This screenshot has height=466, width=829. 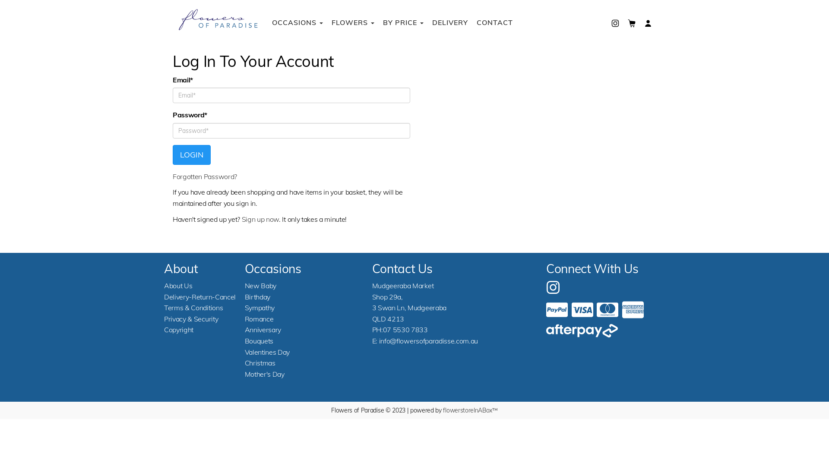 What do you see at coordinates (199, 296) in the screenshot?
I see `'Delivery-Return-Cancel'` at bounding box center [199, 296].